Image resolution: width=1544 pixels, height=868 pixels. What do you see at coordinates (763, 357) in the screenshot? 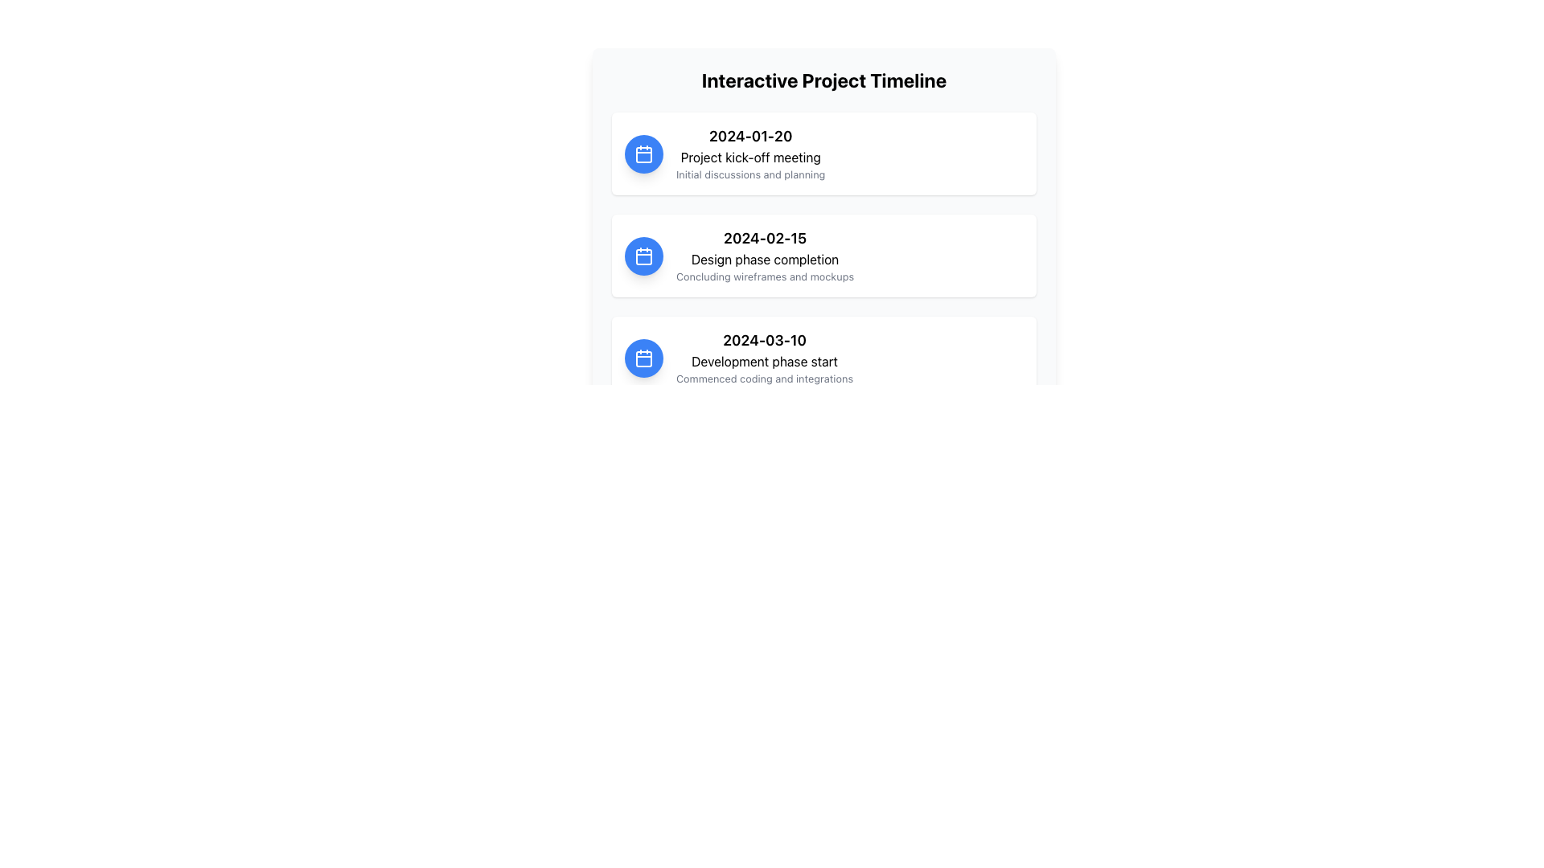
I see `text displayed in the third card of the vertical timeline layout, which summarizes the 'Development phase start' with the date '2024-03-10' and description 'Commenced coding and integrations'` at bounding box center [763, 357].